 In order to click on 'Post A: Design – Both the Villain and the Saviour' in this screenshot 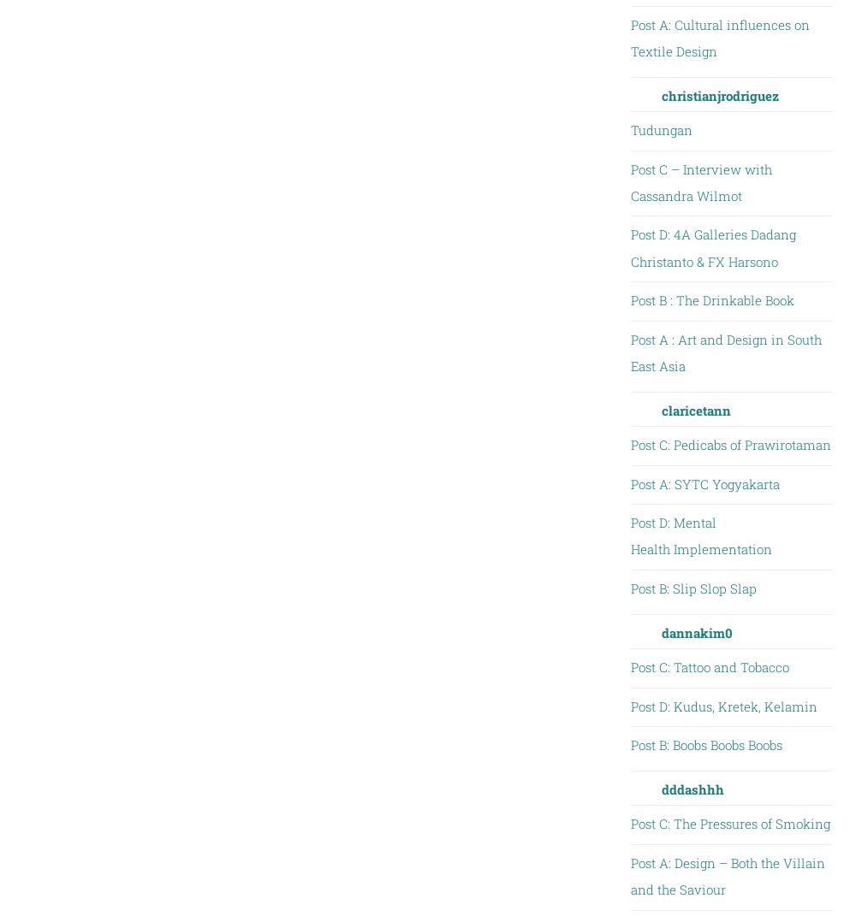, I will do `click(726, 874)`.